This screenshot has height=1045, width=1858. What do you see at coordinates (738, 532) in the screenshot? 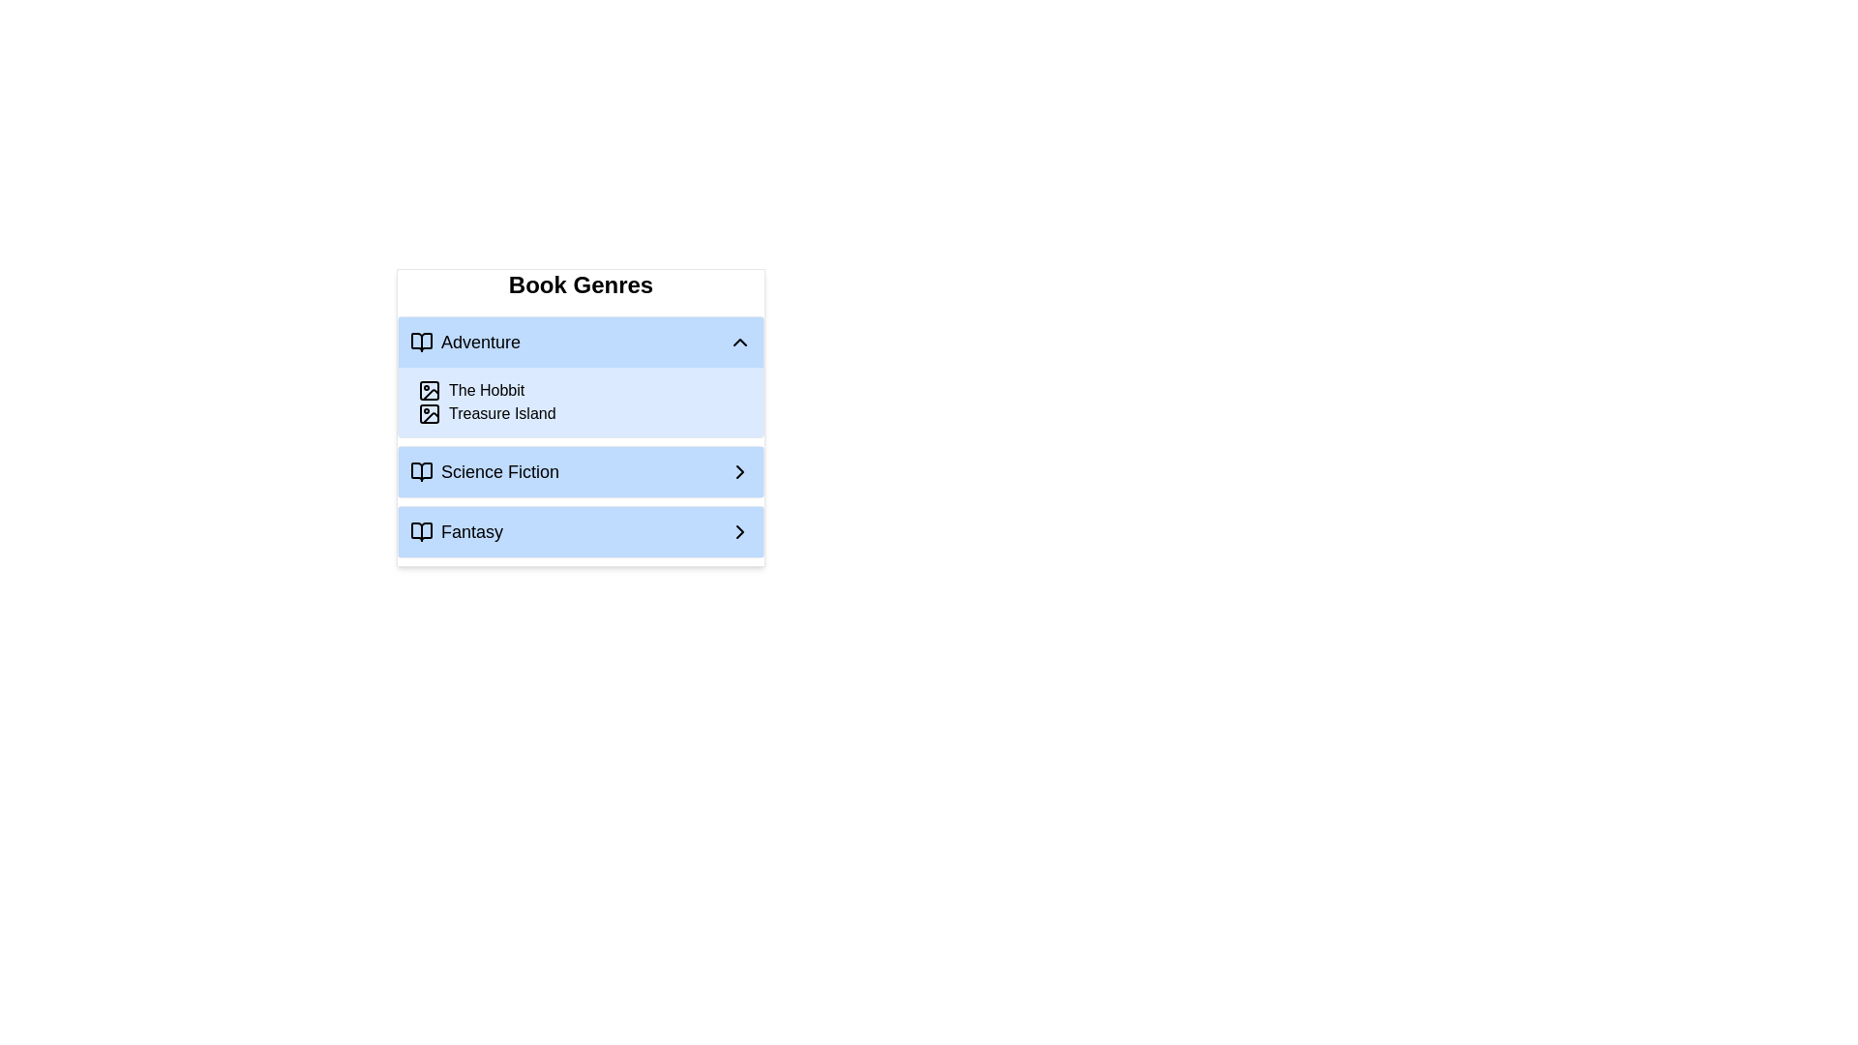
I see `the right-pointing chevron icon at the end of the 'Fantasy' row in the 'Book Genres' list` at bounding box center [738, 532].